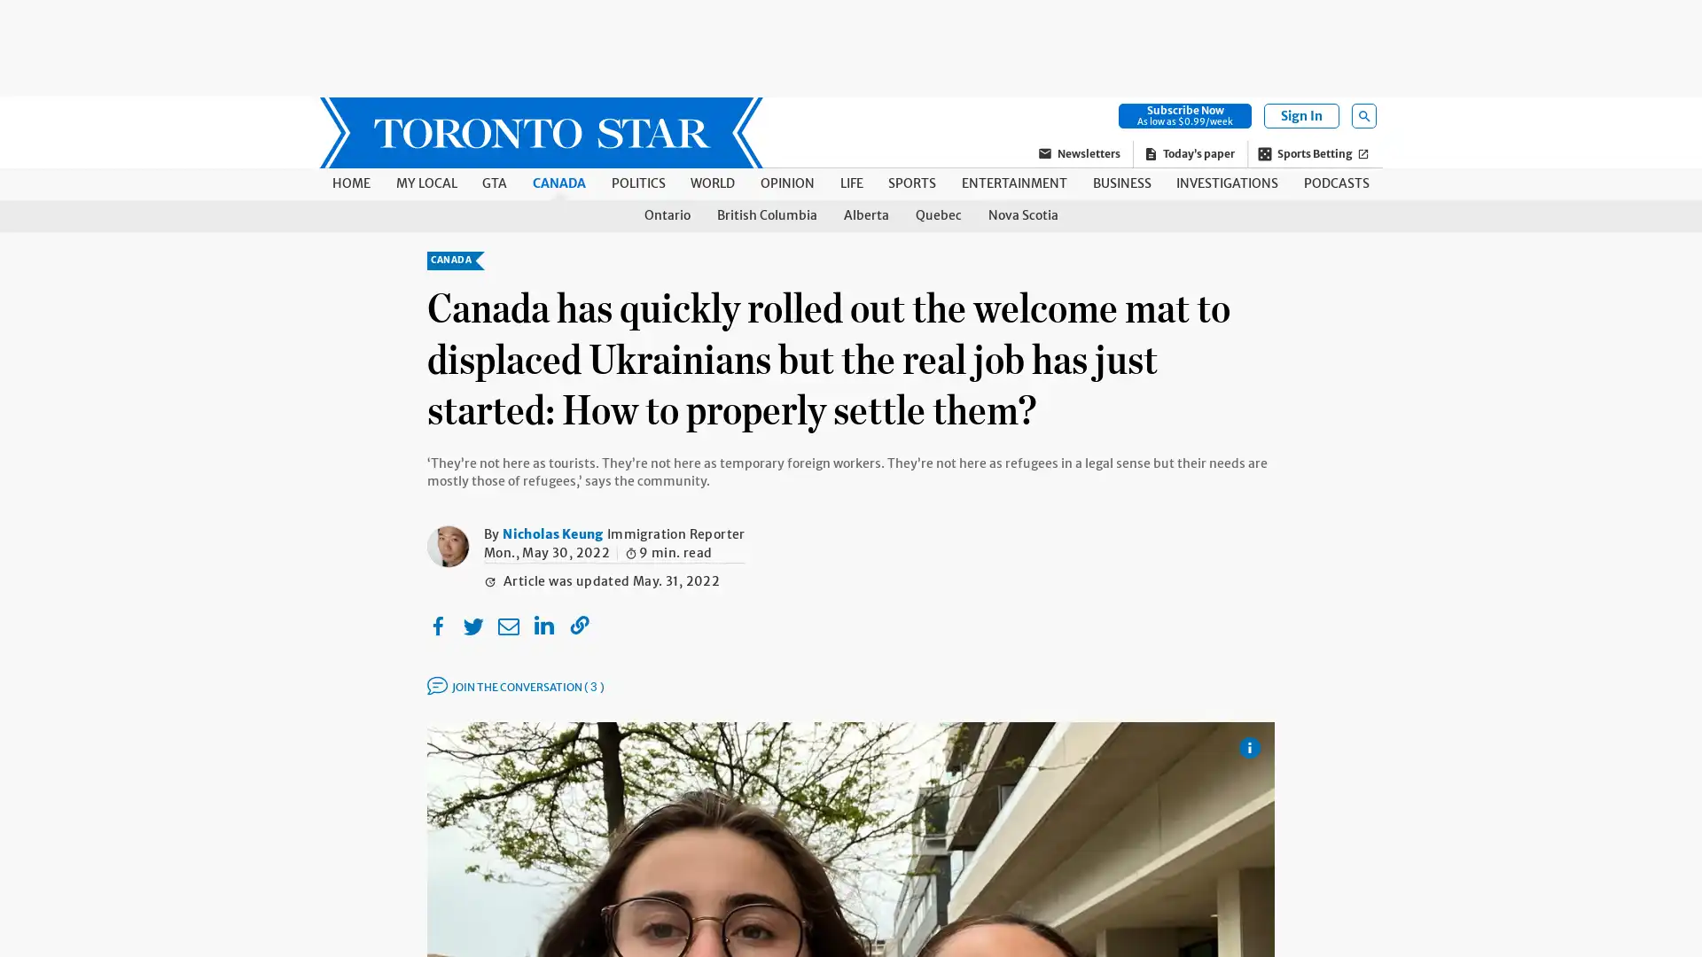  I want to click on Sign In, so click(1301, 116).